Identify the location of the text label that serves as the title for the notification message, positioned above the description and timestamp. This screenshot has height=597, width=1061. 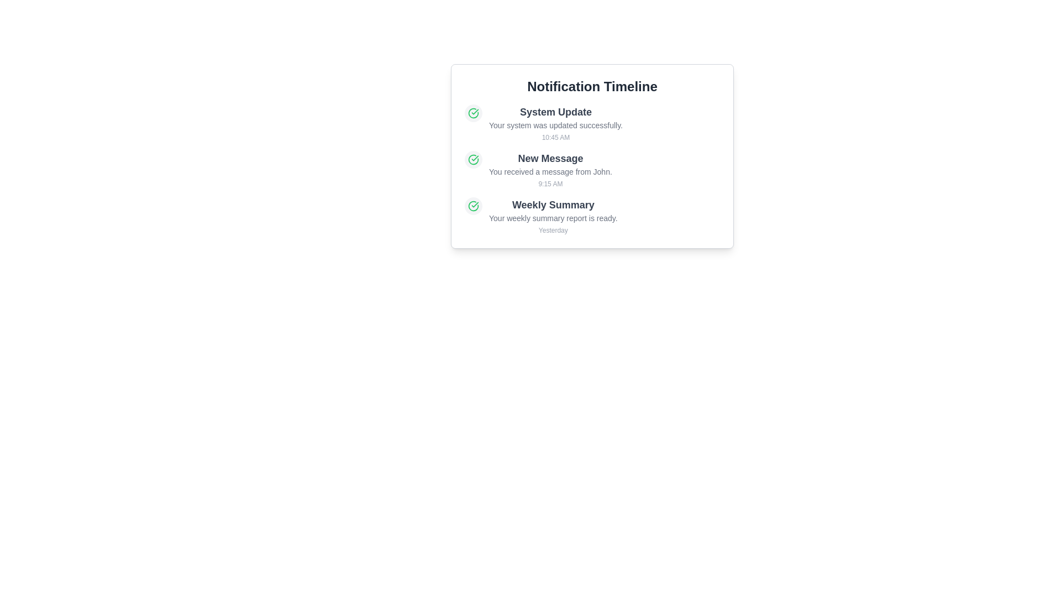
(550, 158).